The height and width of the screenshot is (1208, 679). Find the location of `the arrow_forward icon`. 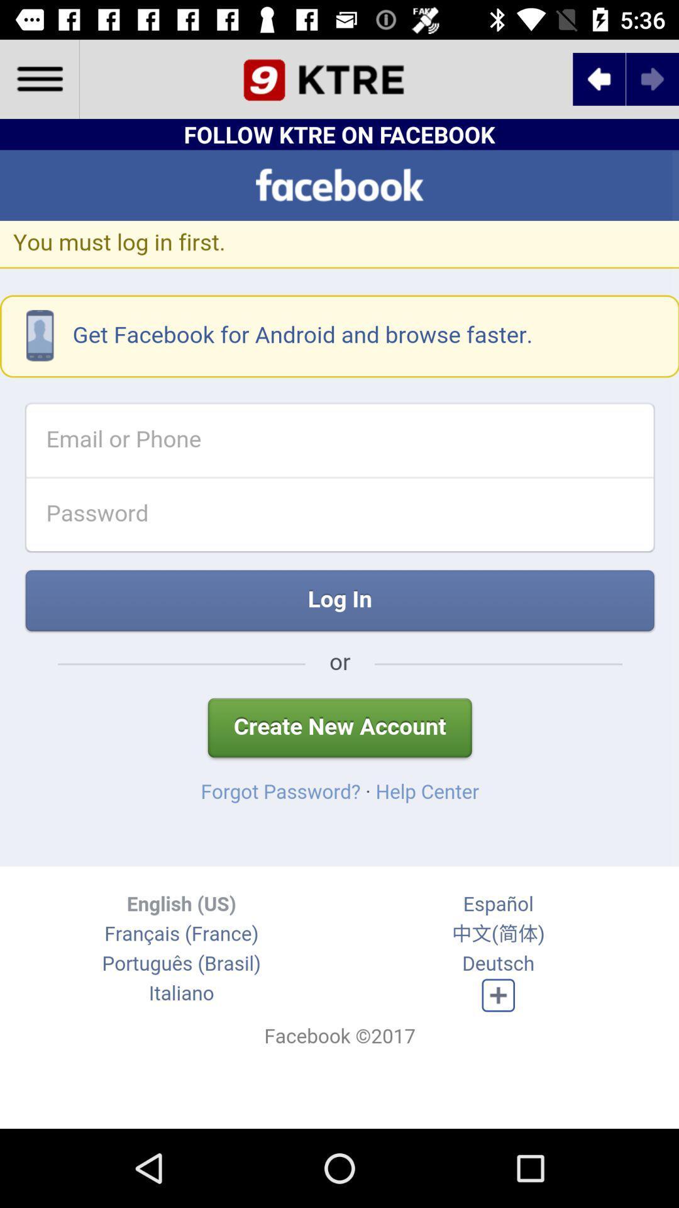

the arrow_forward icon is located at coordinates (651, 78).